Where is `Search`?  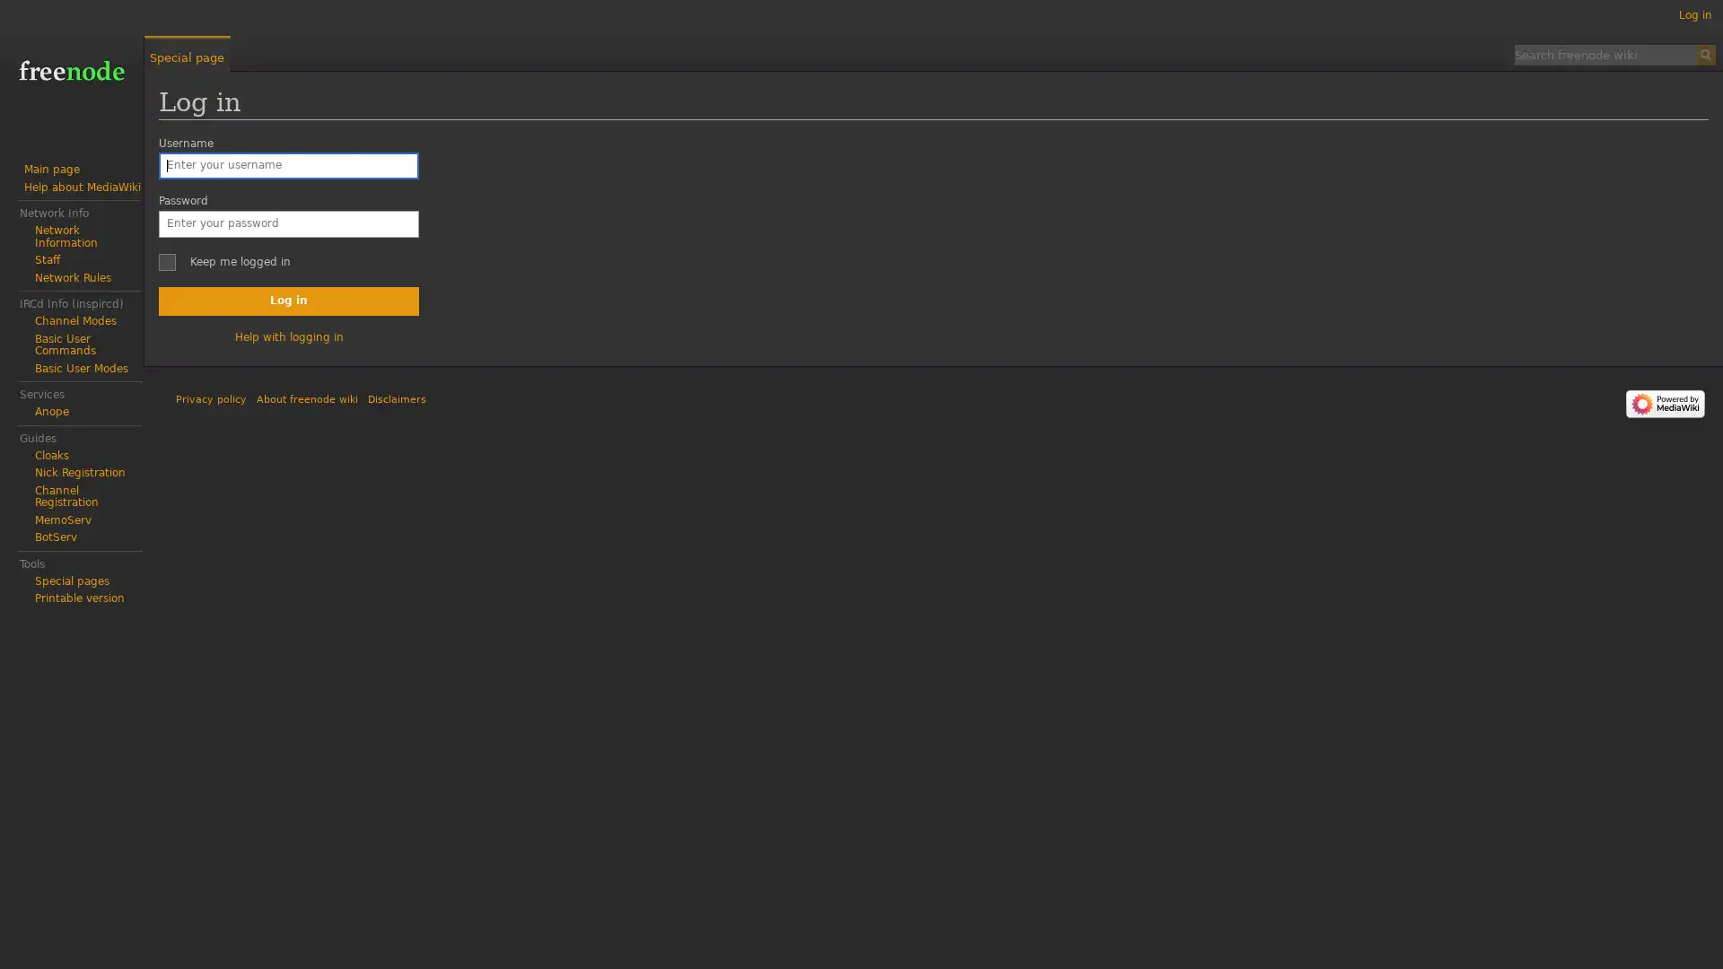
Search is located at coordinates (1704, 54).